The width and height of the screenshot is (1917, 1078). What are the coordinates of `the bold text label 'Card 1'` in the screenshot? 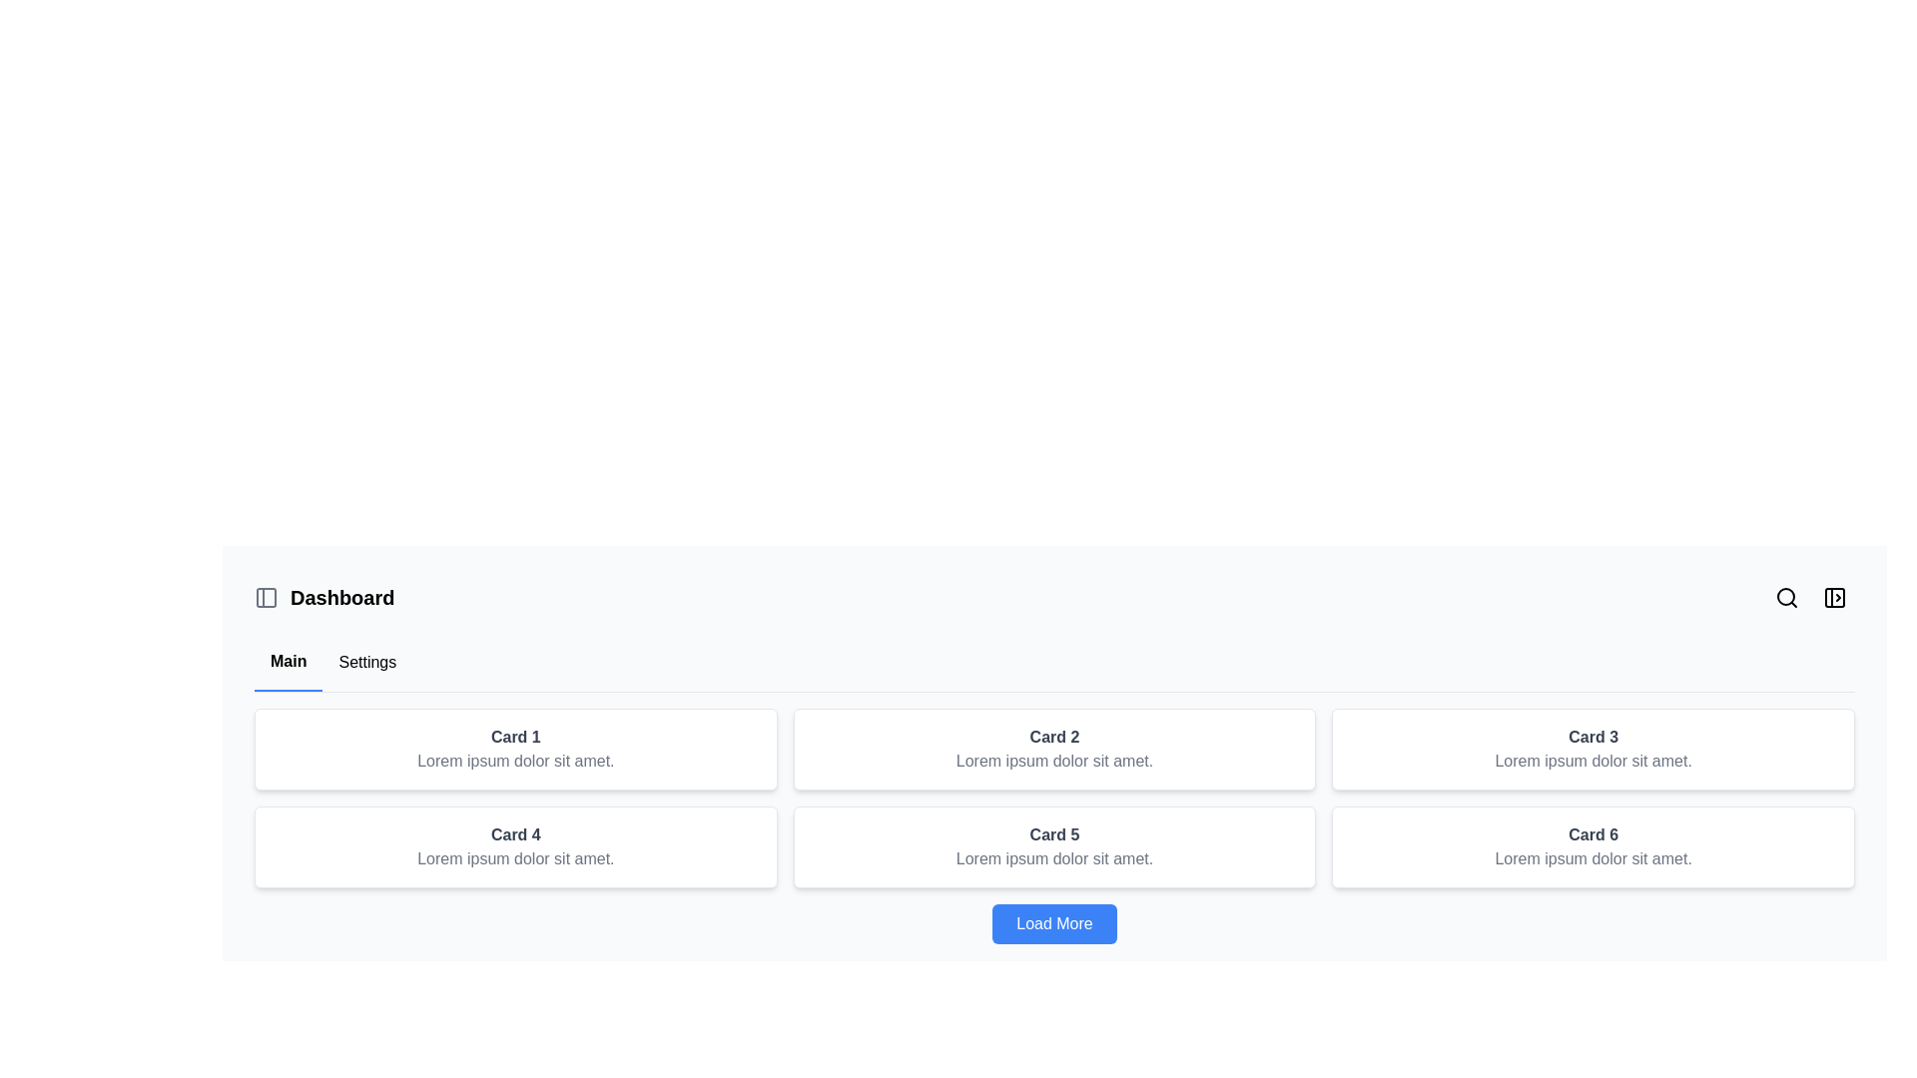 It's located at (515, 738).